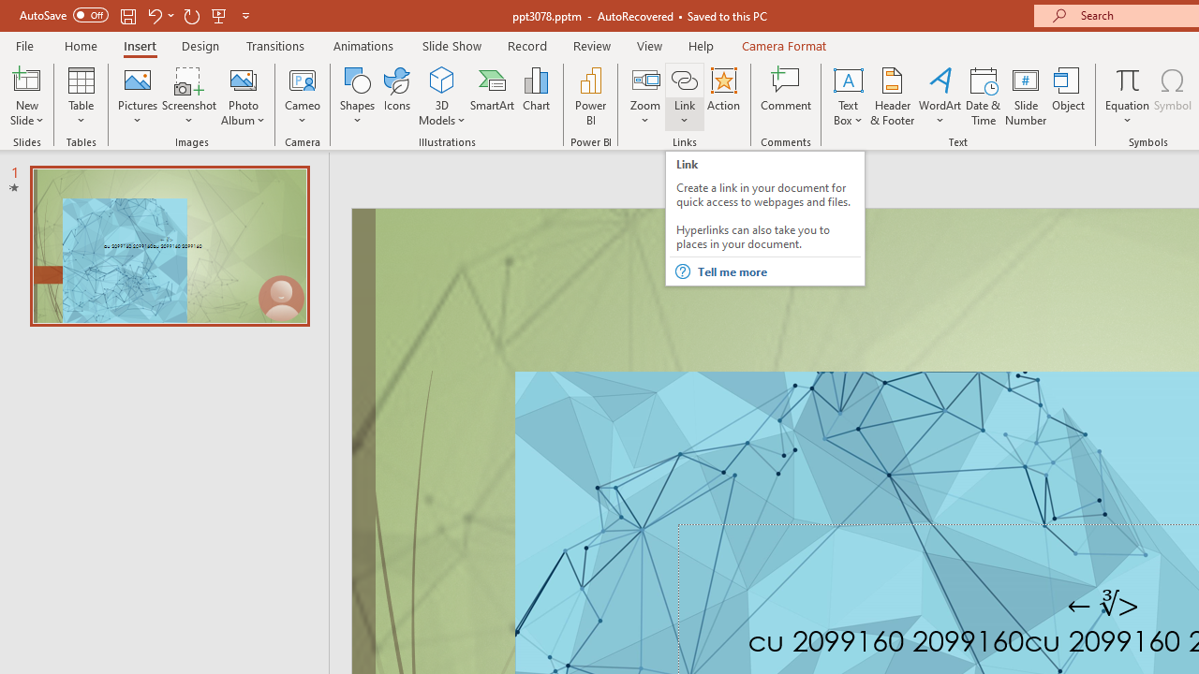  What do you see at coordinates (219, 15) in the screenshot?
I see `'From Beginning'` at bounding box center [219, 15].